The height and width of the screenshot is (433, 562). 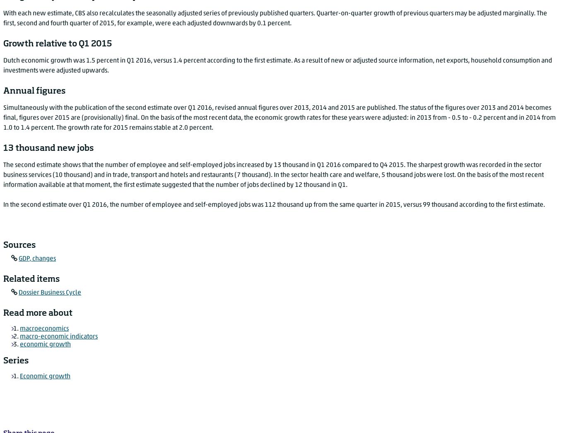 What do you see at coordinates (277, 65) in the screenshot?
I see `'in Q1 2016, versus 1.4 percent according to the first estimate. As a result of new or adjusted source information, net exports, household consumption and investments were adjusted upwards.'` at bounding box center [277, 65].